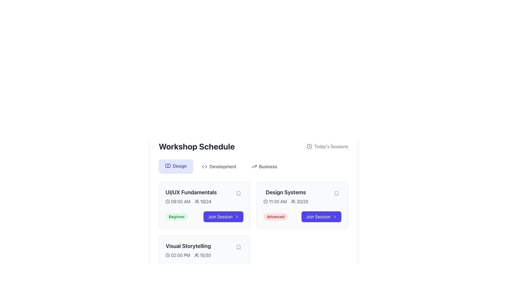  Describe the element at coordinates (238, 247) in the screenshot. I see `the bookmark button located in the bottom-right corner of the 'Visual Storytelling' card in the 'Workshop Schedule' section` at that location.